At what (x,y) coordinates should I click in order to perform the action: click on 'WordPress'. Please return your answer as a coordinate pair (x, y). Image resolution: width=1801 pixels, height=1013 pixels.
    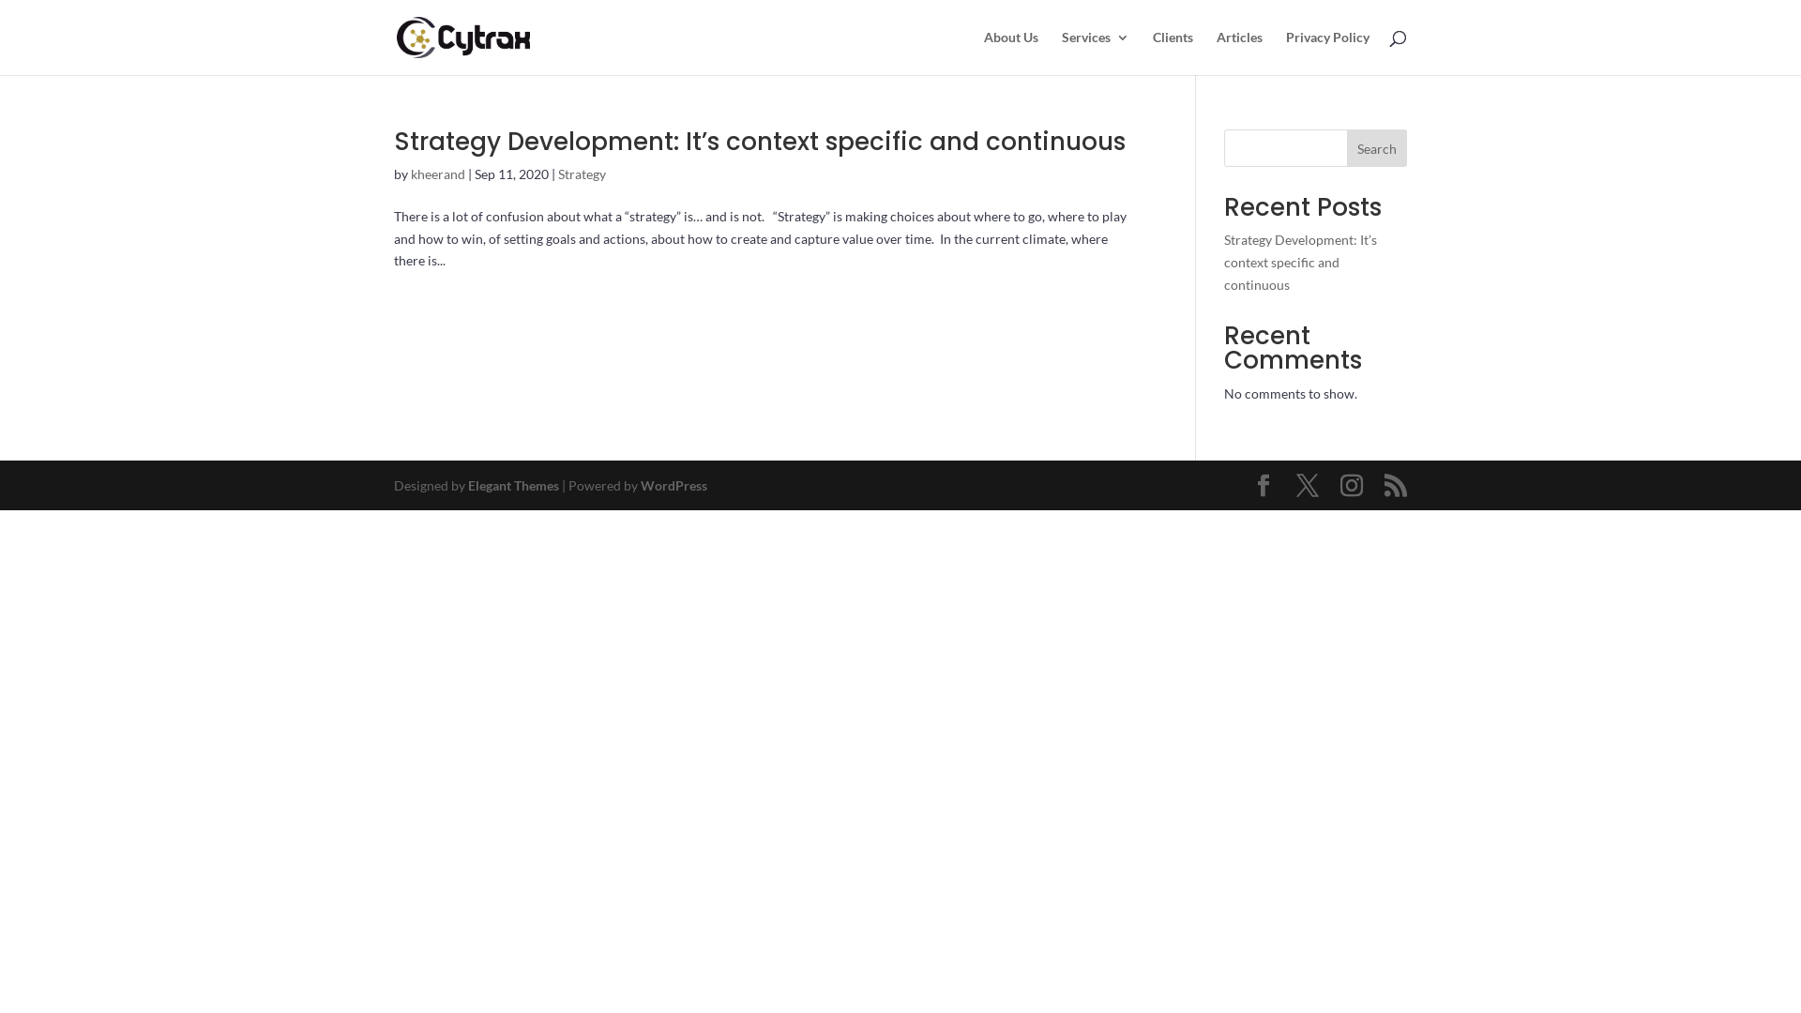
    Looking at the image, I should click on (673, 484).